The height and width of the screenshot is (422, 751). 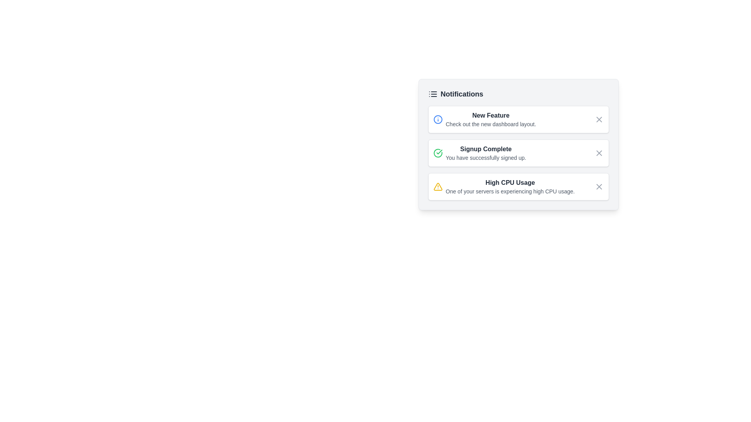 What do you see at coordinates (437, 153) in the screenshot?
I see `the 'Signup Complete' confirmation icon located to the left of the text in the Notifications panel, which is part of the second notification item in the list` at bounding box center [437, 153].